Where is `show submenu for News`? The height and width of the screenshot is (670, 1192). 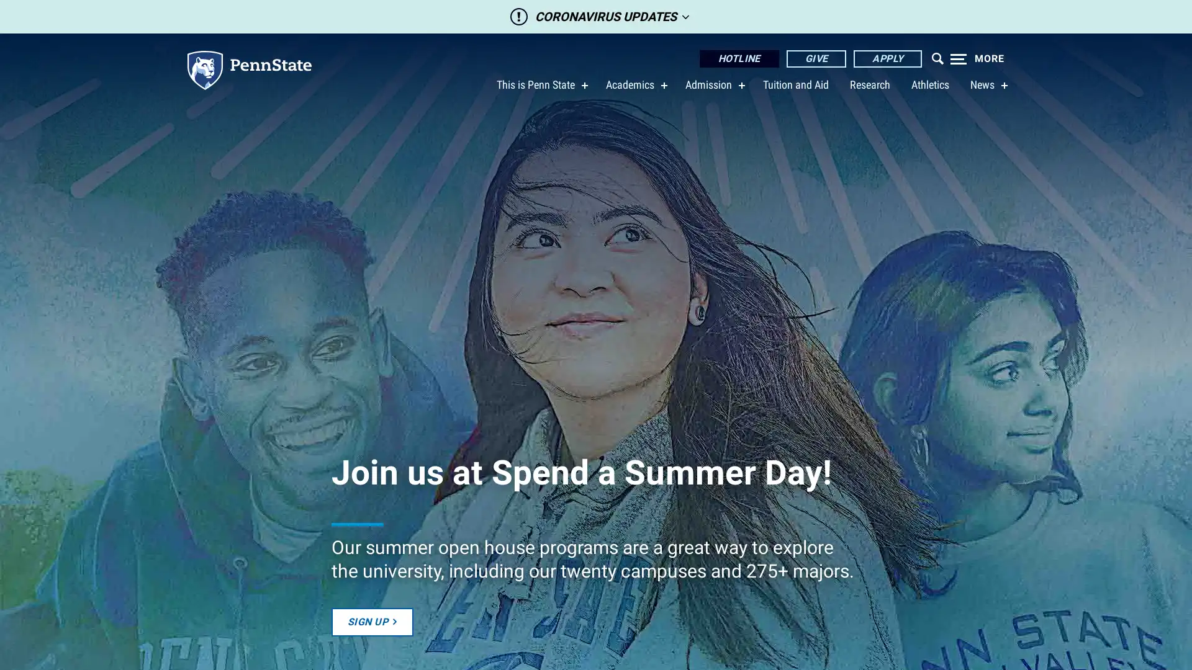
show submenu for News is located at coordinates (999, 85).